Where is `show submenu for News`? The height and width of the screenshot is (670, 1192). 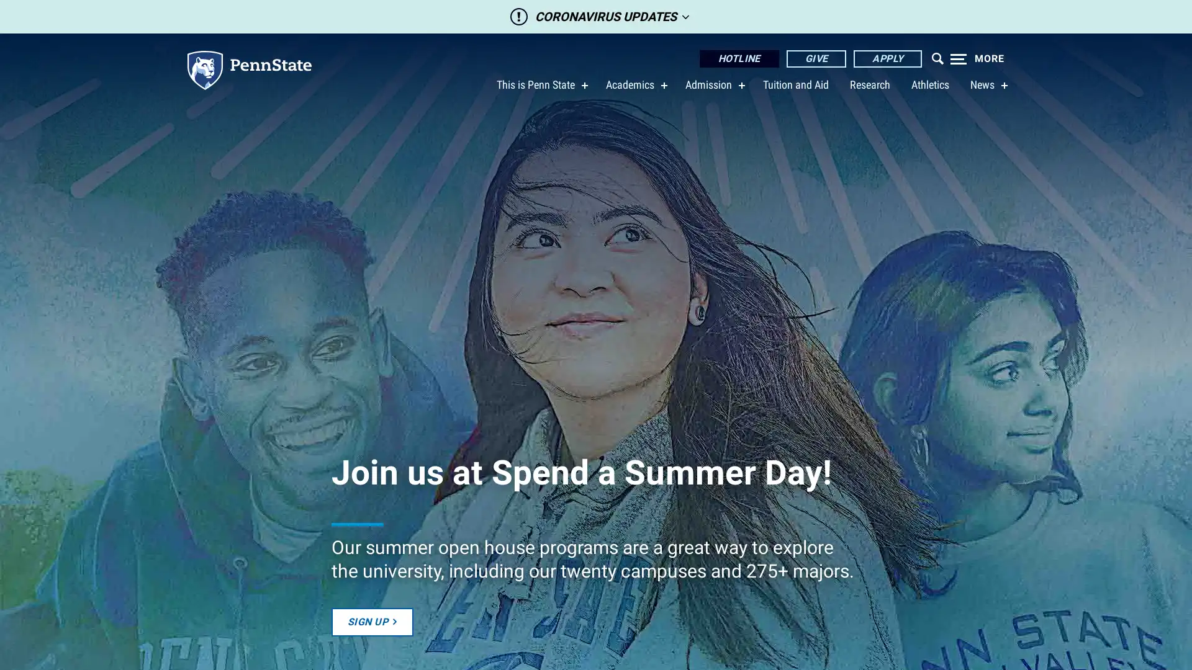
show submenu for News is located at coordinates (999, 85).